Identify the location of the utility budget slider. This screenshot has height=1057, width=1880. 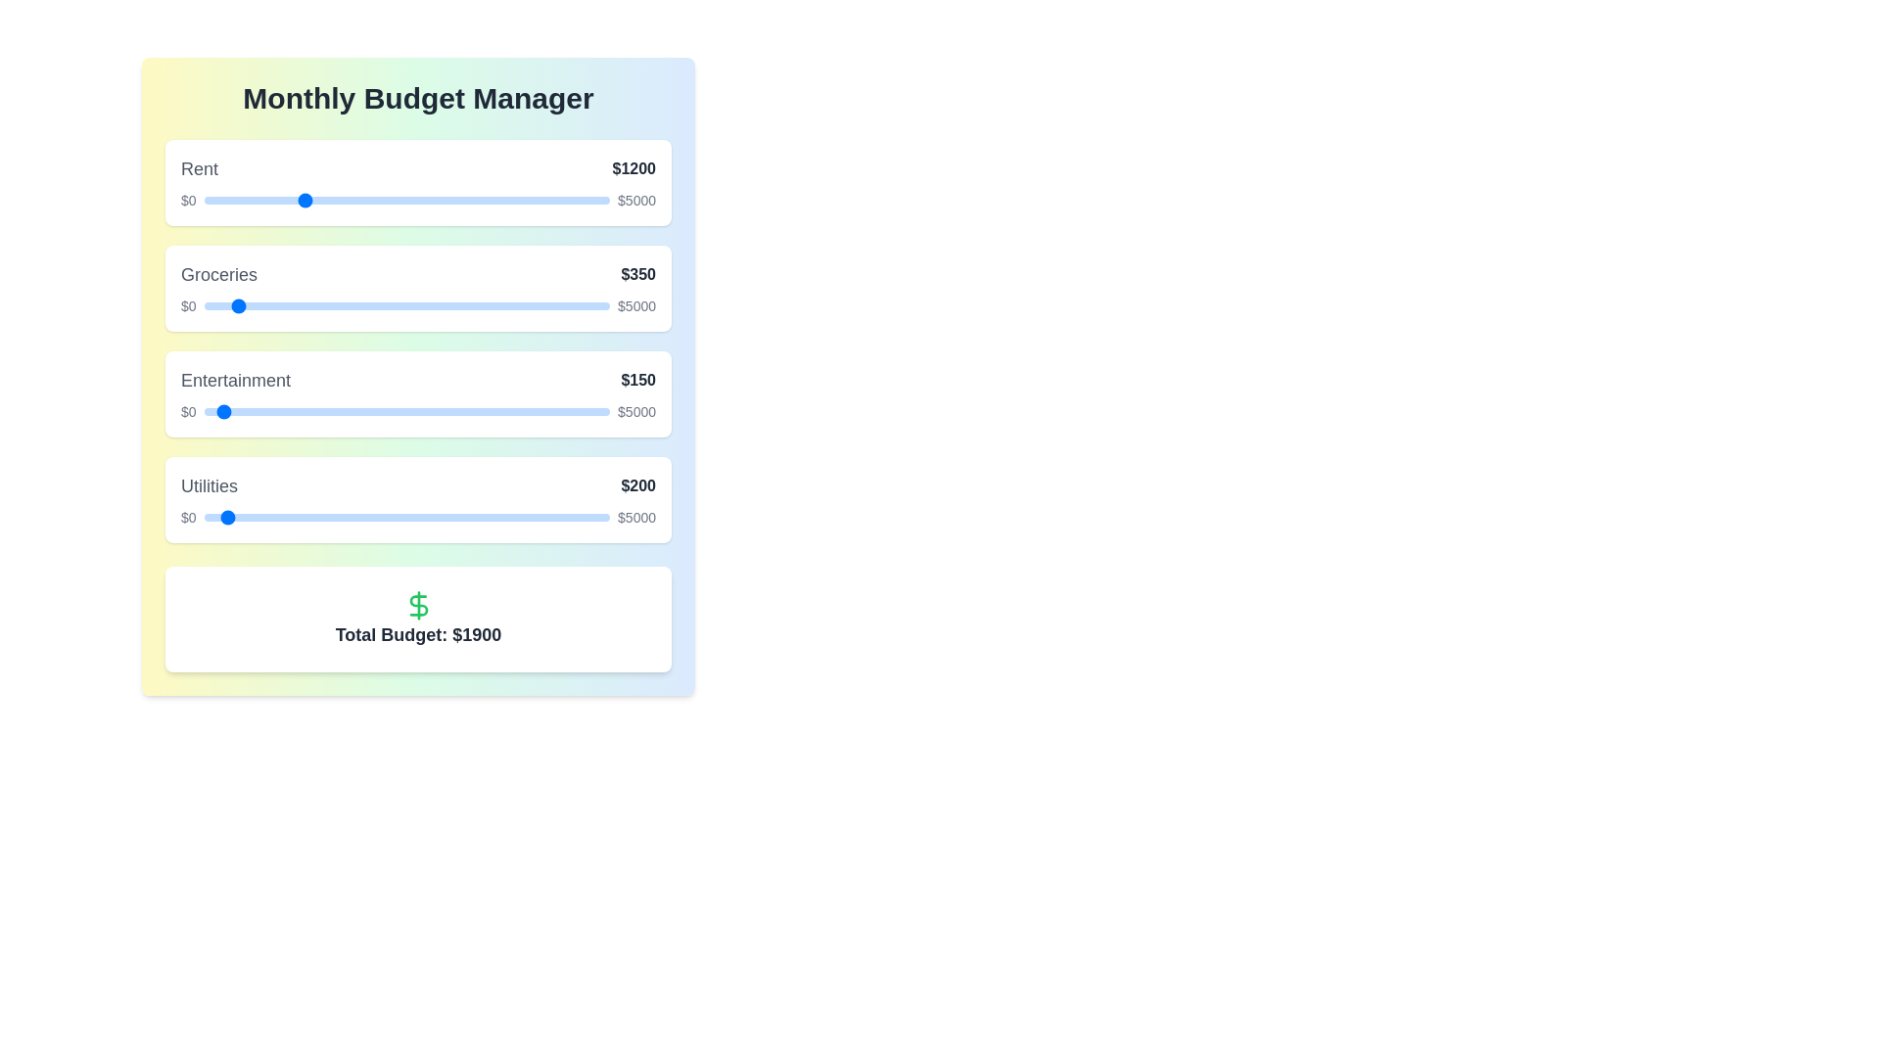
(241, 516).